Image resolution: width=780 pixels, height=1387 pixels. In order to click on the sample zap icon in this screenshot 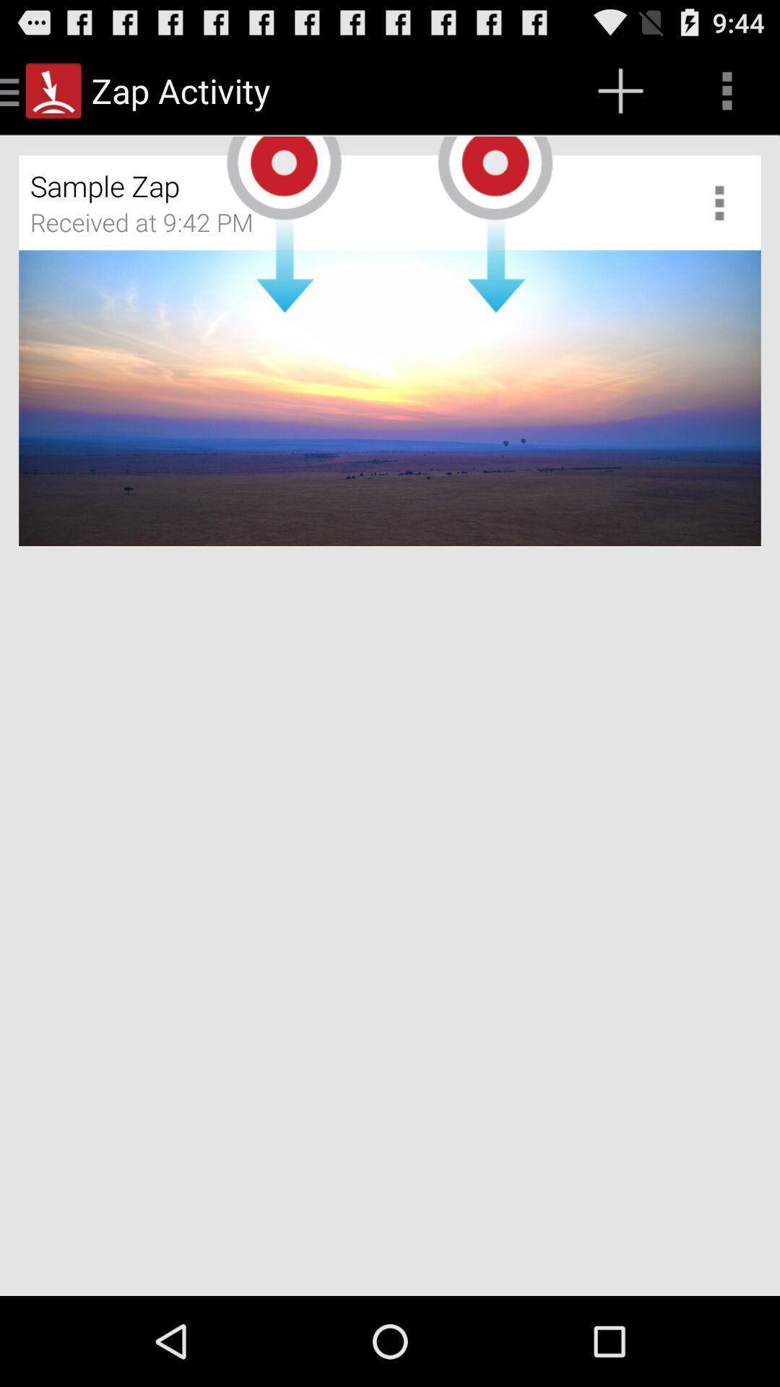, I will do `click(304, 179)`.